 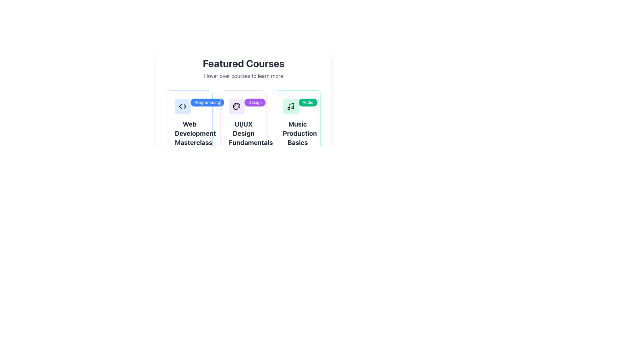 What do you see at coordinates (297, 106) in the screenshot?
I see `the tagged label component displaying the category 'Audio' associated with the course 'Music Production Basics' located at the top-right corner of the course card` at bounding box center [297, 106].